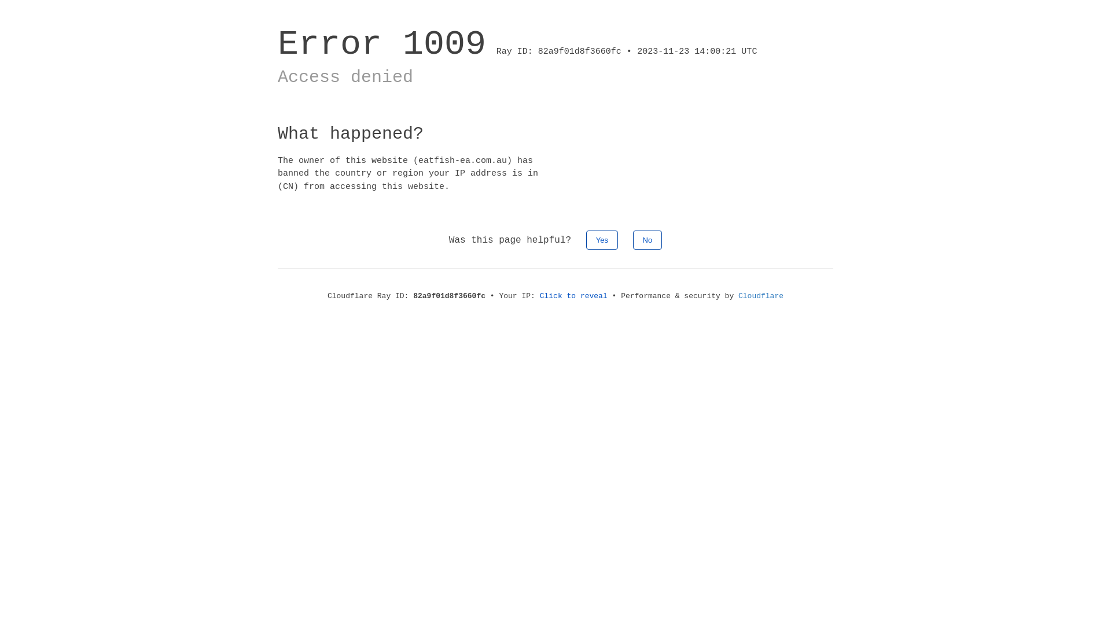 The width and height of the screenshot is (1111, 624). I want to click on 'Yes', so click(586, 239).